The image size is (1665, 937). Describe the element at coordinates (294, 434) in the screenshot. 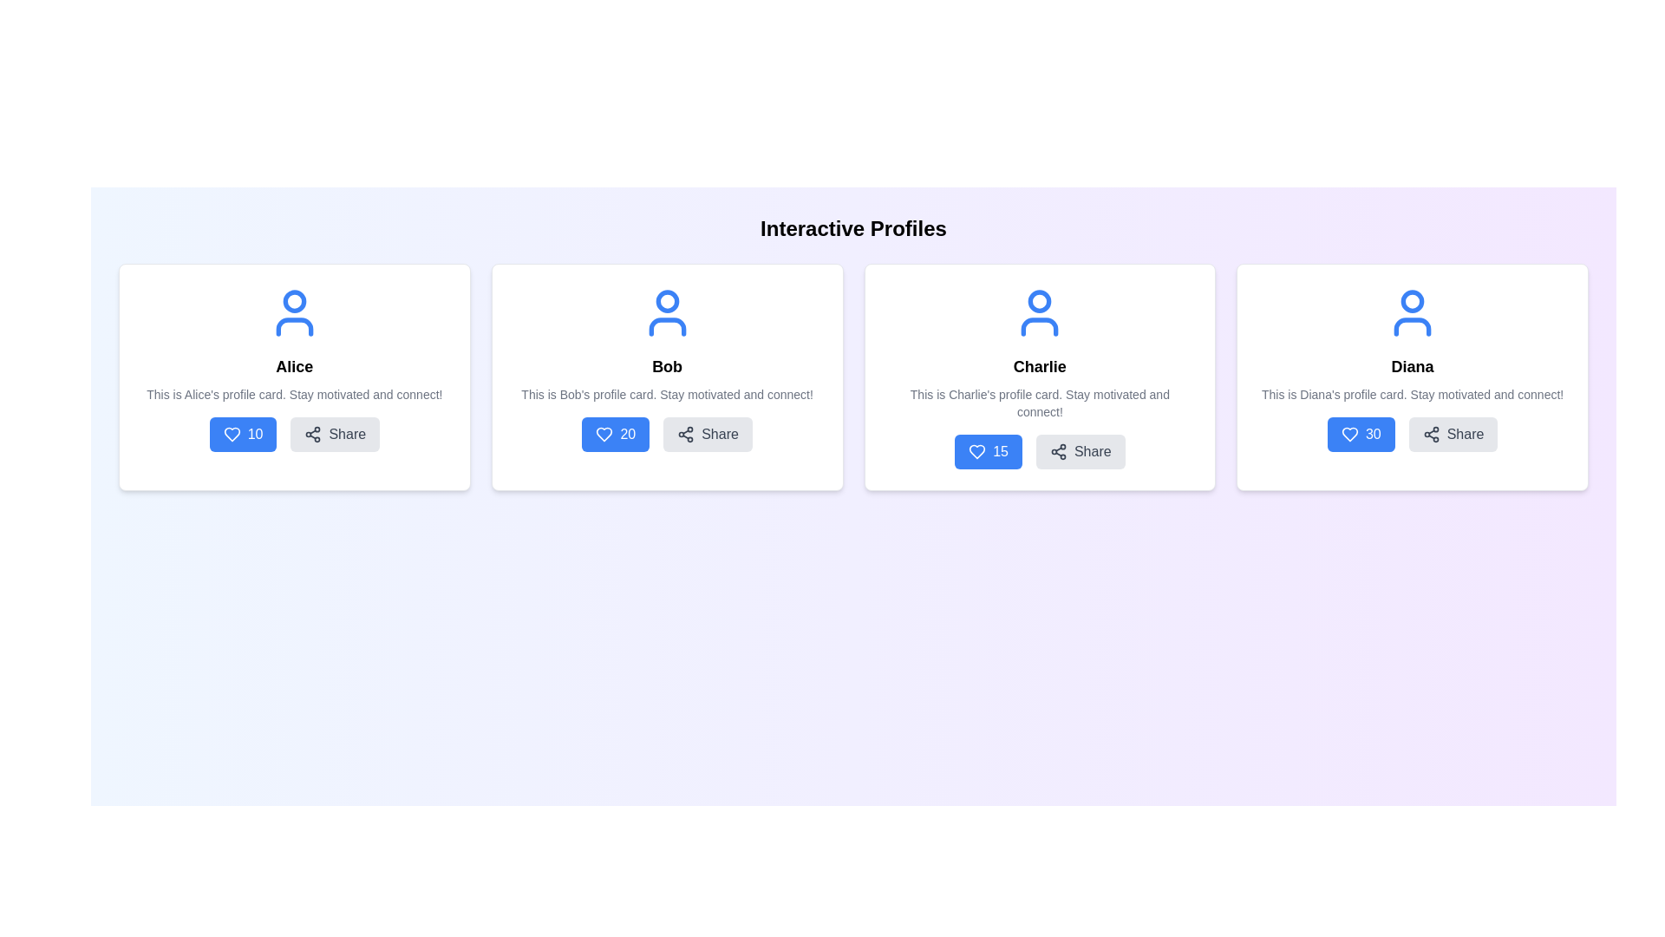

I see `the share button located in the bottom section of the profile card titled 'Alice'` at that location.